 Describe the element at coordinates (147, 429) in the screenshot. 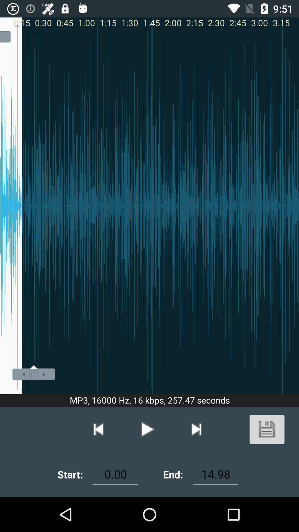

I see `the play icon` at that location.